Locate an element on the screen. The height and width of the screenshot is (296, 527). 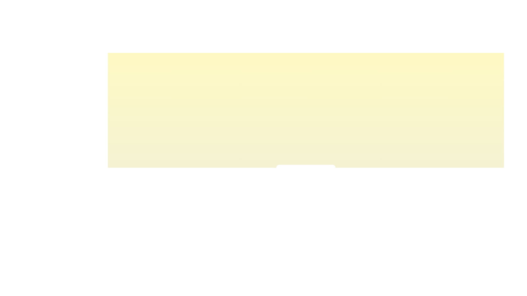
the light intensity slider to 29% to observe the corresponding visual feedback color is located at coordinates (296, 185).